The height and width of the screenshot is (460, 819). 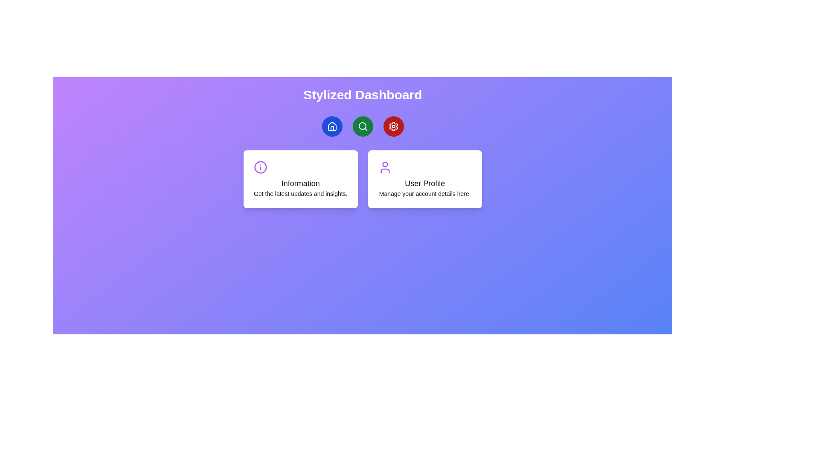 What do you see at coordinates (425, 183) in the screenshot?
I see `the 'User Profile' text label, which is styled with medium font weight and positioned within a white card on the right side of the interface, below a purple user icon` at bounding box center [425, 183].